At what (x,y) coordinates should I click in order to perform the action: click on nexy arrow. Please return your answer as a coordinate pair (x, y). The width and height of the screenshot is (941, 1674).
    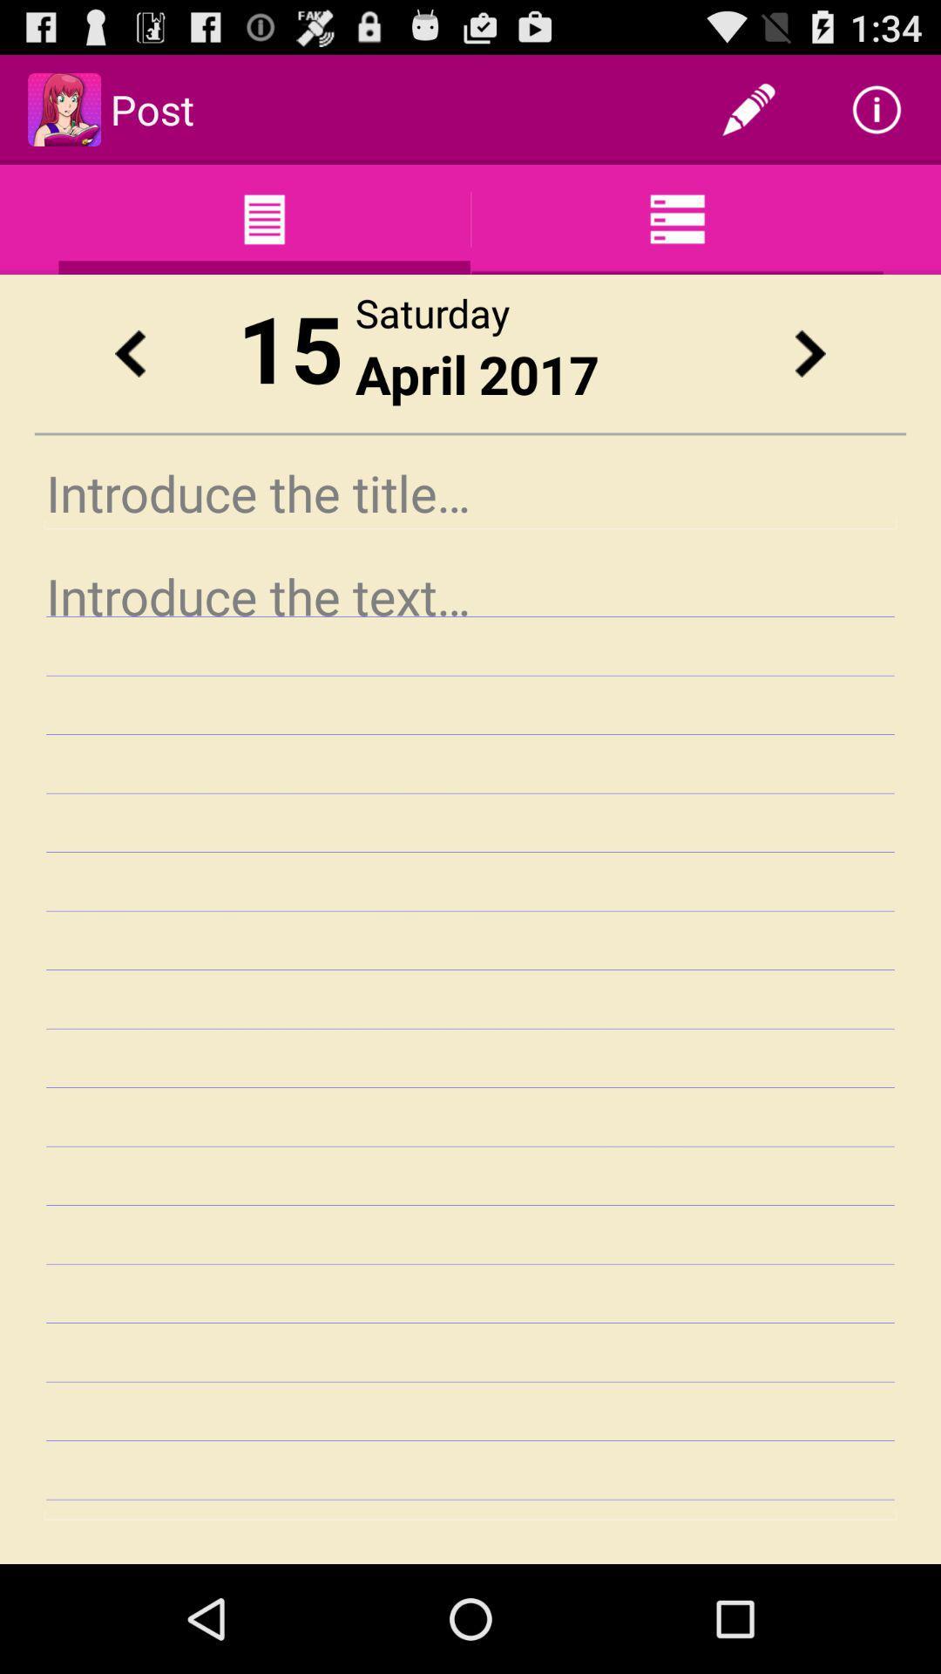
    Looking at the image, I should click on (809, 352).